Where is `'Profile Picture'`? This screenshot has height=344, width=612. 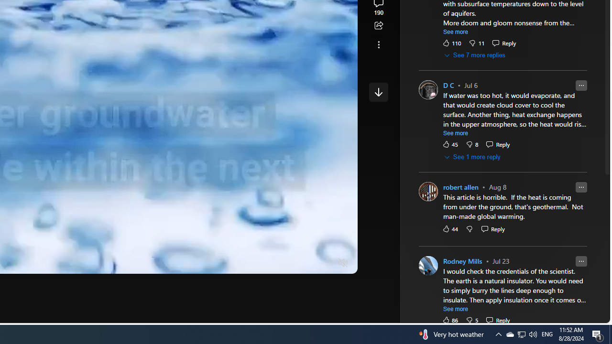
'Profile Picture' is located at coordinates (428, 266).